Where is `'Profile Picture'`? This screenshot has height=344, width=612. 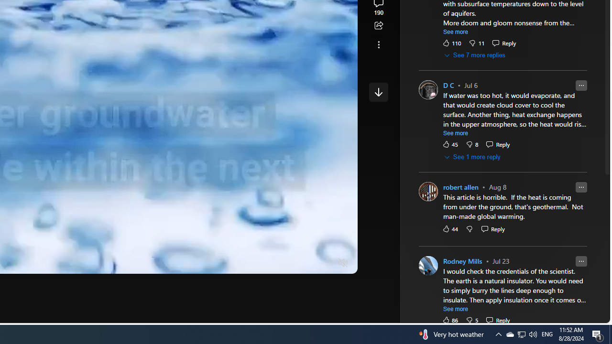
'Profile Picture' is located at coordinates (428, 266).